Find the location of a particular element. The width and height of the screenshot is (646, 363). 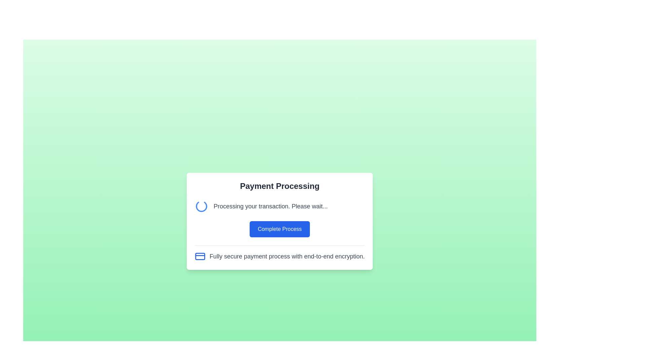

the 'Complete Process' button located within the modal card titled 'Payment Processing' is located at coordinates (280, 221).